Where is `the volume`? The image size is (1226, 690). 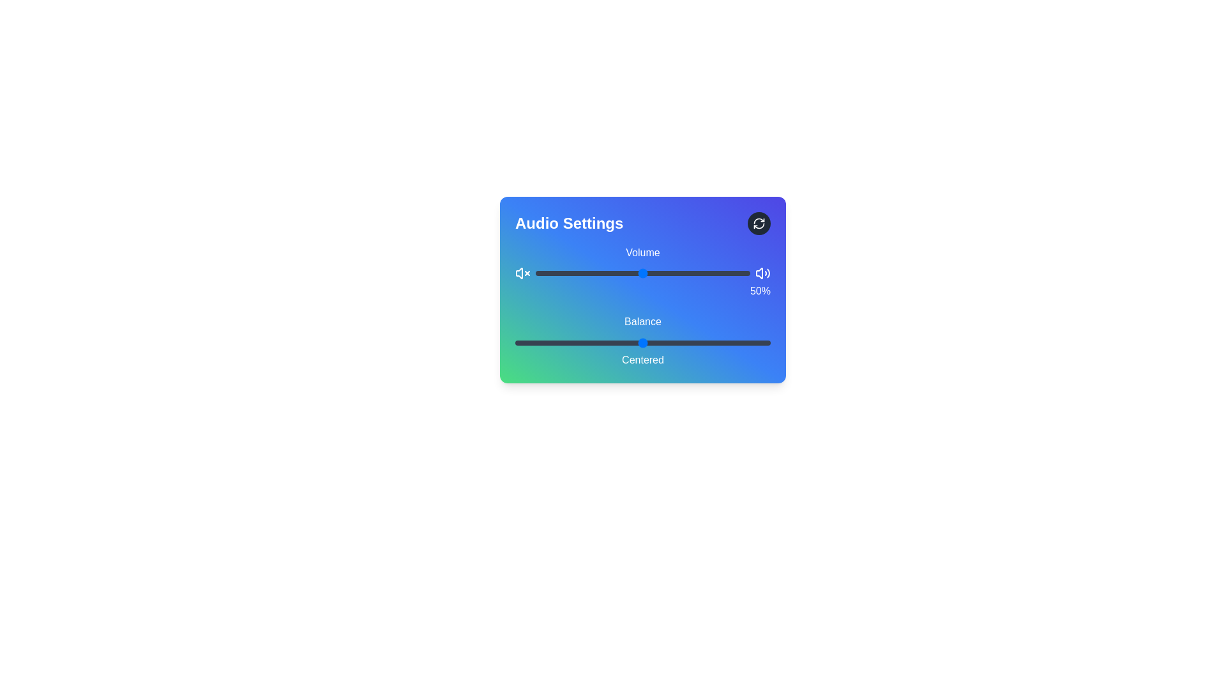
the volume is located at coordinates (588, 273).